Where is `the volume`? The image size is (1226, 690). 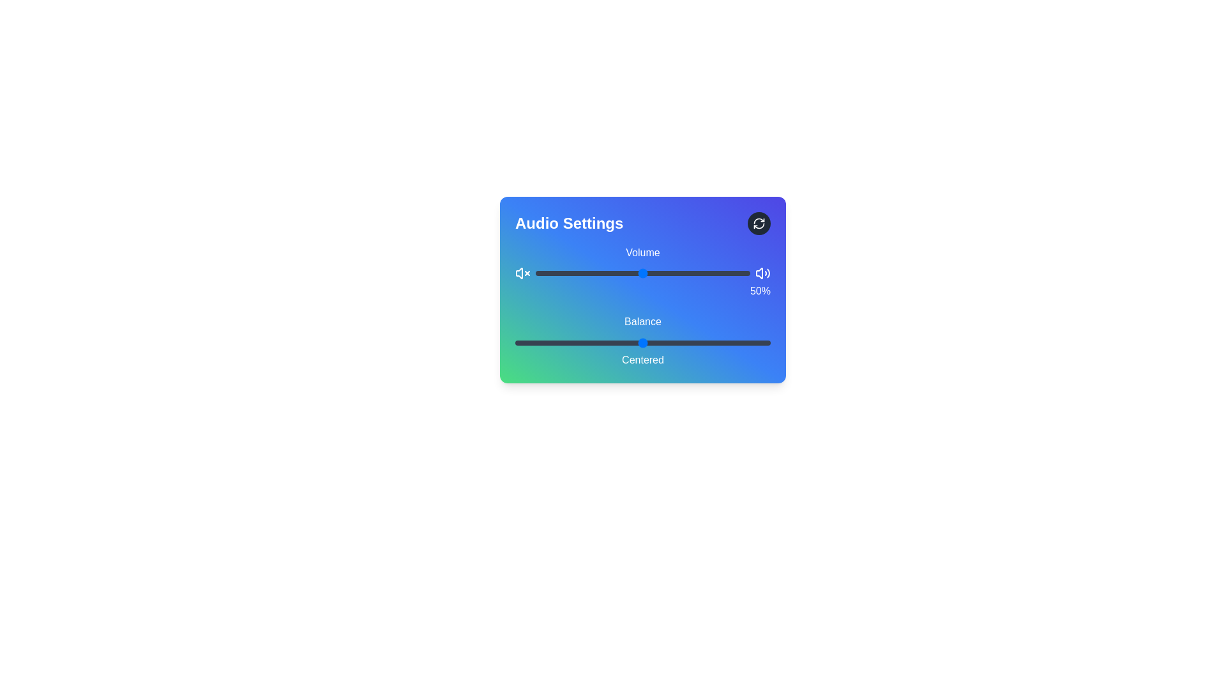
the volume is located at coordinates (588, 273).